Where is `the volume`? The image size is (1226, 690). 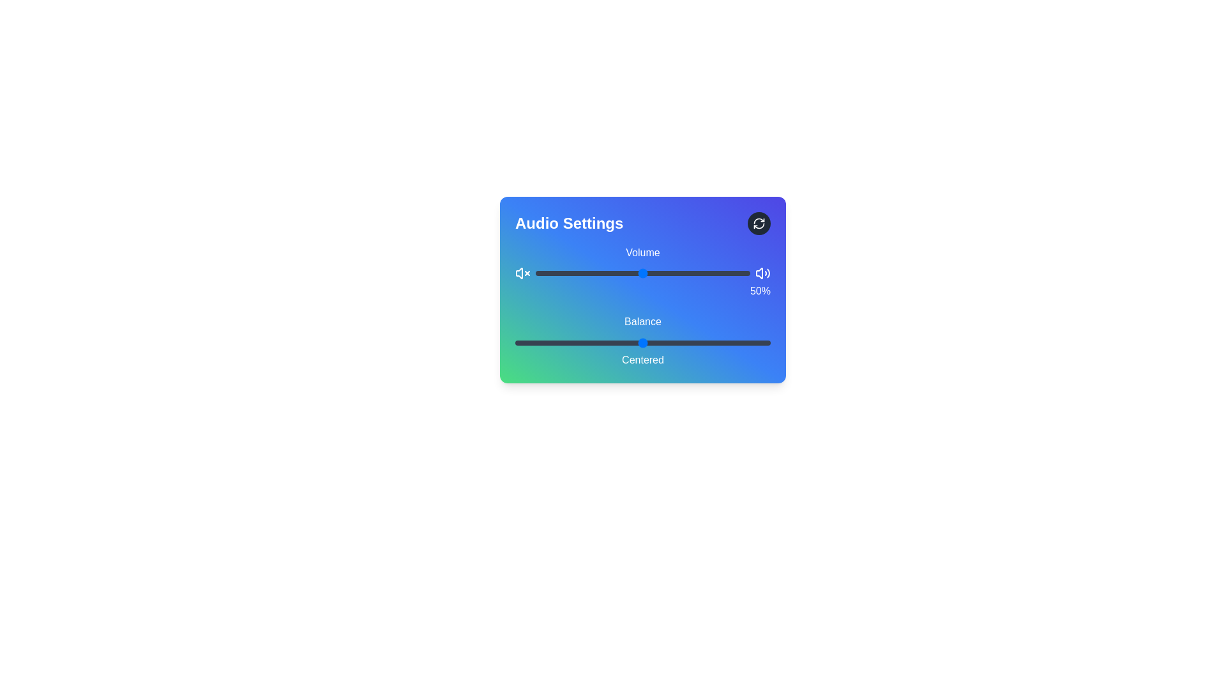
the volume is located at coordinates (588, 273).